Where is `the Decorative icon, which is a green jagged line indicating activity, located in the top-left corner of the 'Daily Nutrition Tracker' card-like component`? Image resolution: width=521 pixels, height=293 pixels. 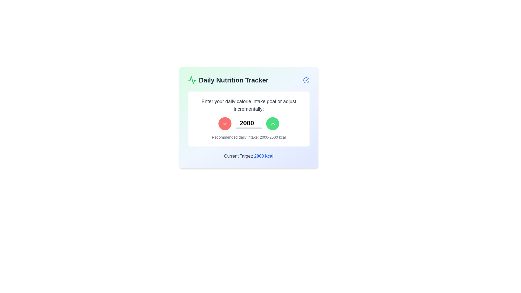
the Decorative icon, which is a green jagged line indicating activity, located in the top-left corner of the 'Daily Nutrition Tracker' card-like component is located at coordinates (192, 80).